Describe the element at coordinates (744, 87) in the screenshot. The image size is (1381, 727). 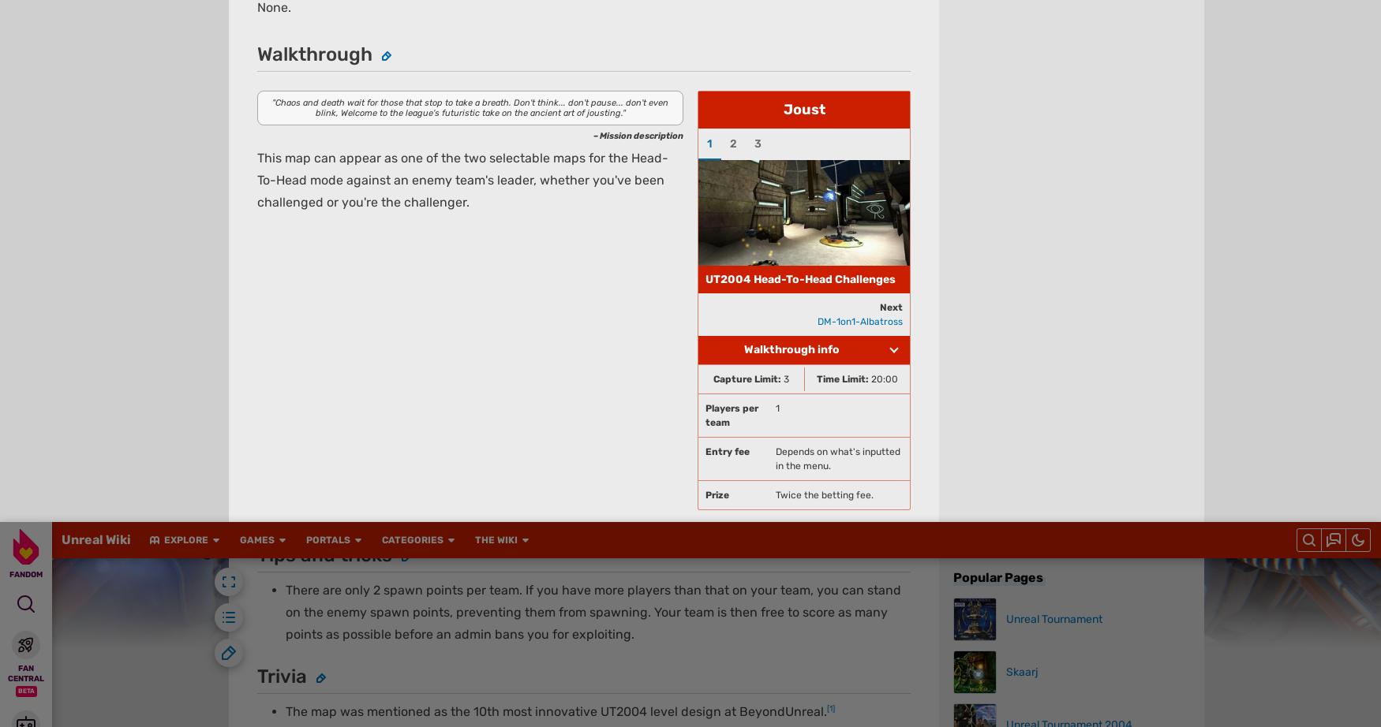
I see `'Contact'` at that location.